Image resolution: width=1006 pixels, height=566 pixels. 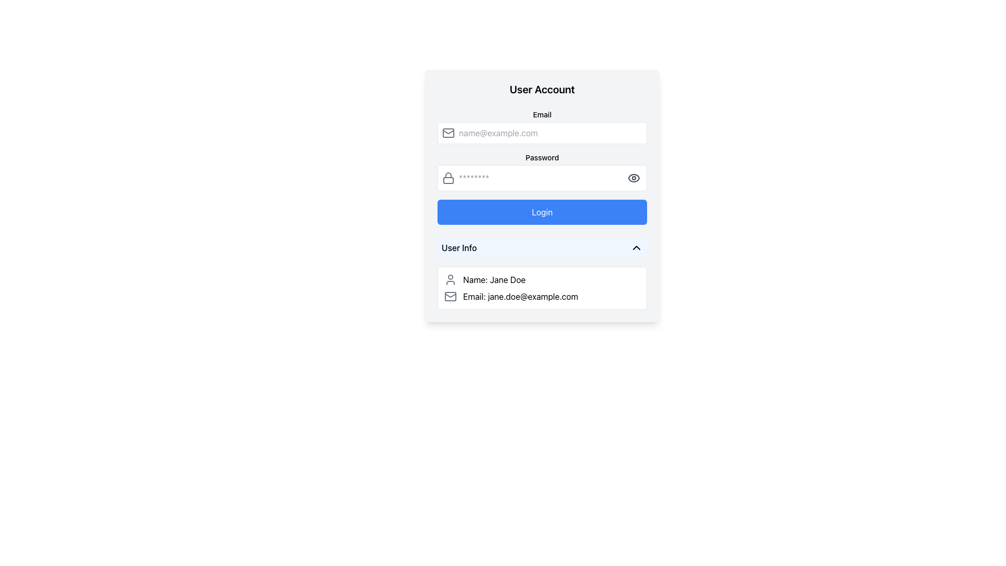 What do you see at coordinates (636, 248) in the screenshot?
I see `the upward-pointing chevron icon located to the right of the 'User Info' text` at bounding box center [636, 248].